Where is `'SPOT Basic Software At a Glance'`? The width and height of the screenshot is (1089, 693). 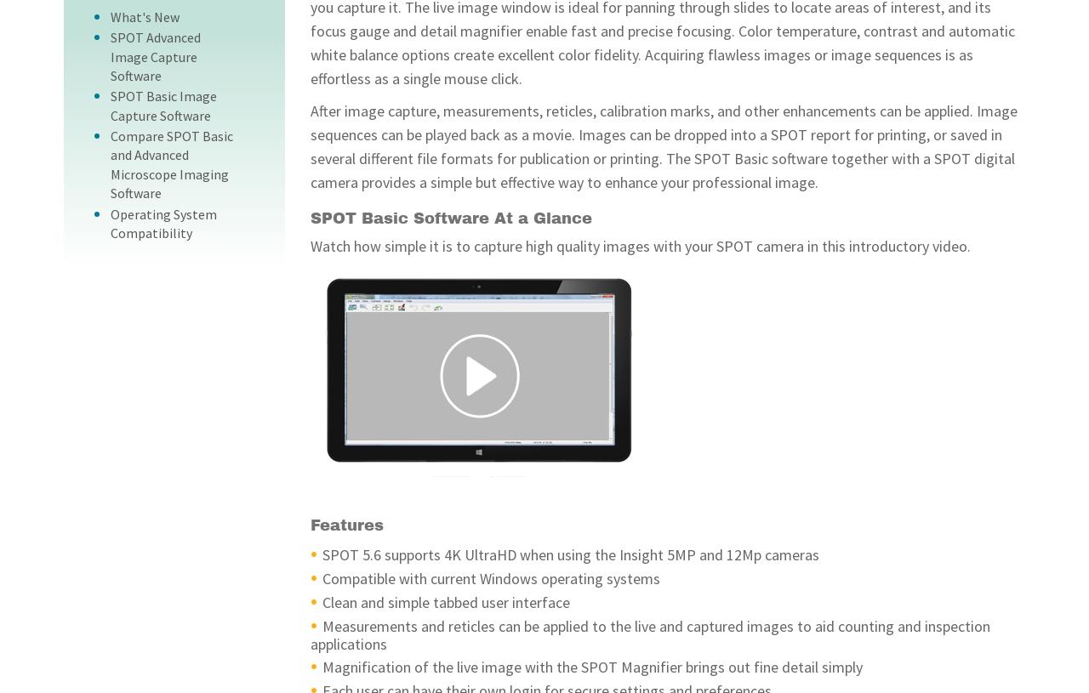
'SPOT Basic Software At a Glance' is located at coordinates (451, 217).